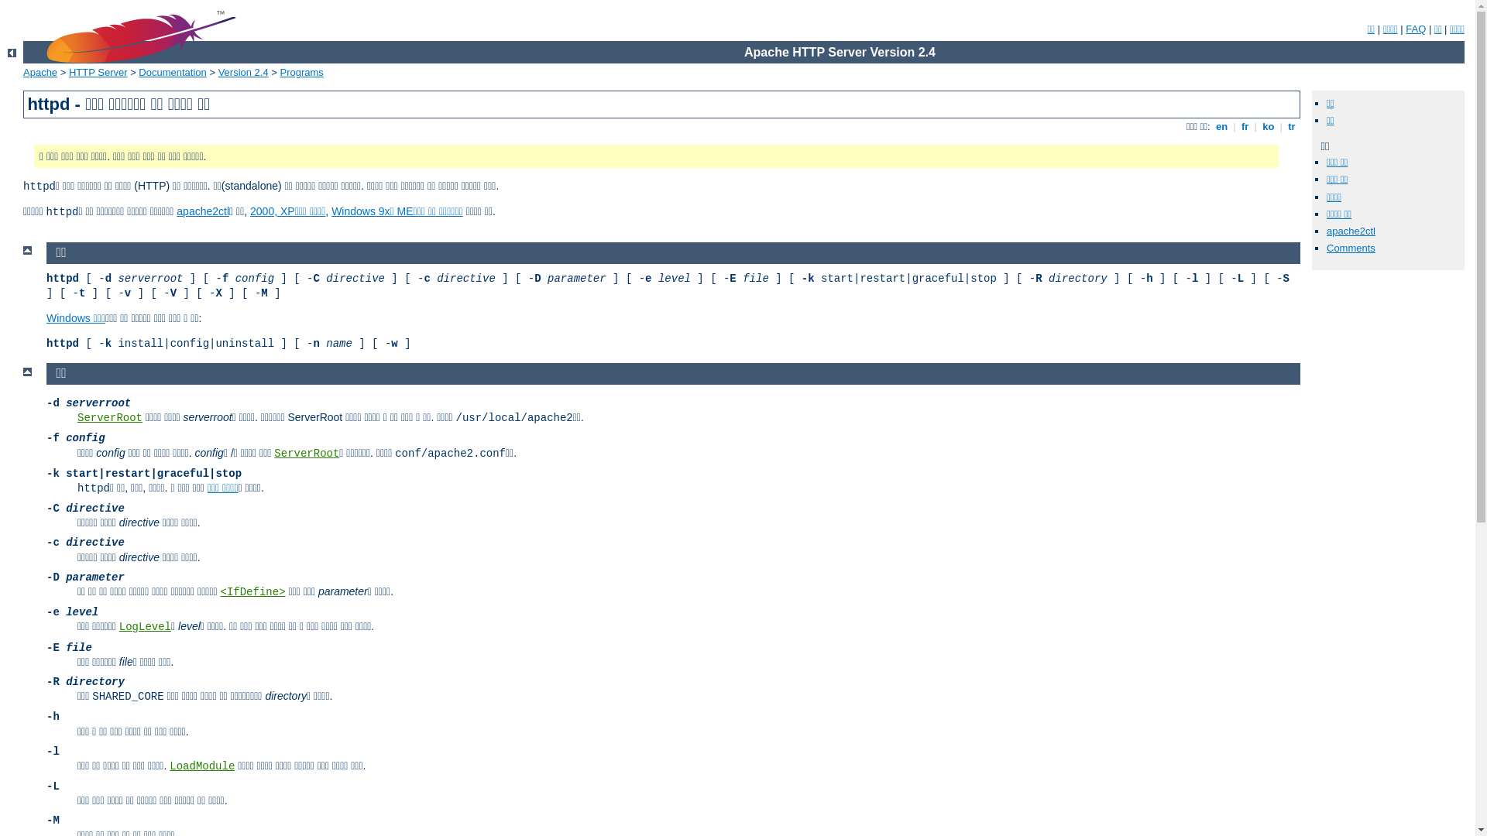 The width and height of the screenshot is (1487, 836). What do you see at coordinates (172, 72) in the screenshot?
I see `'Documentation'` at bounding box center [172, 72].